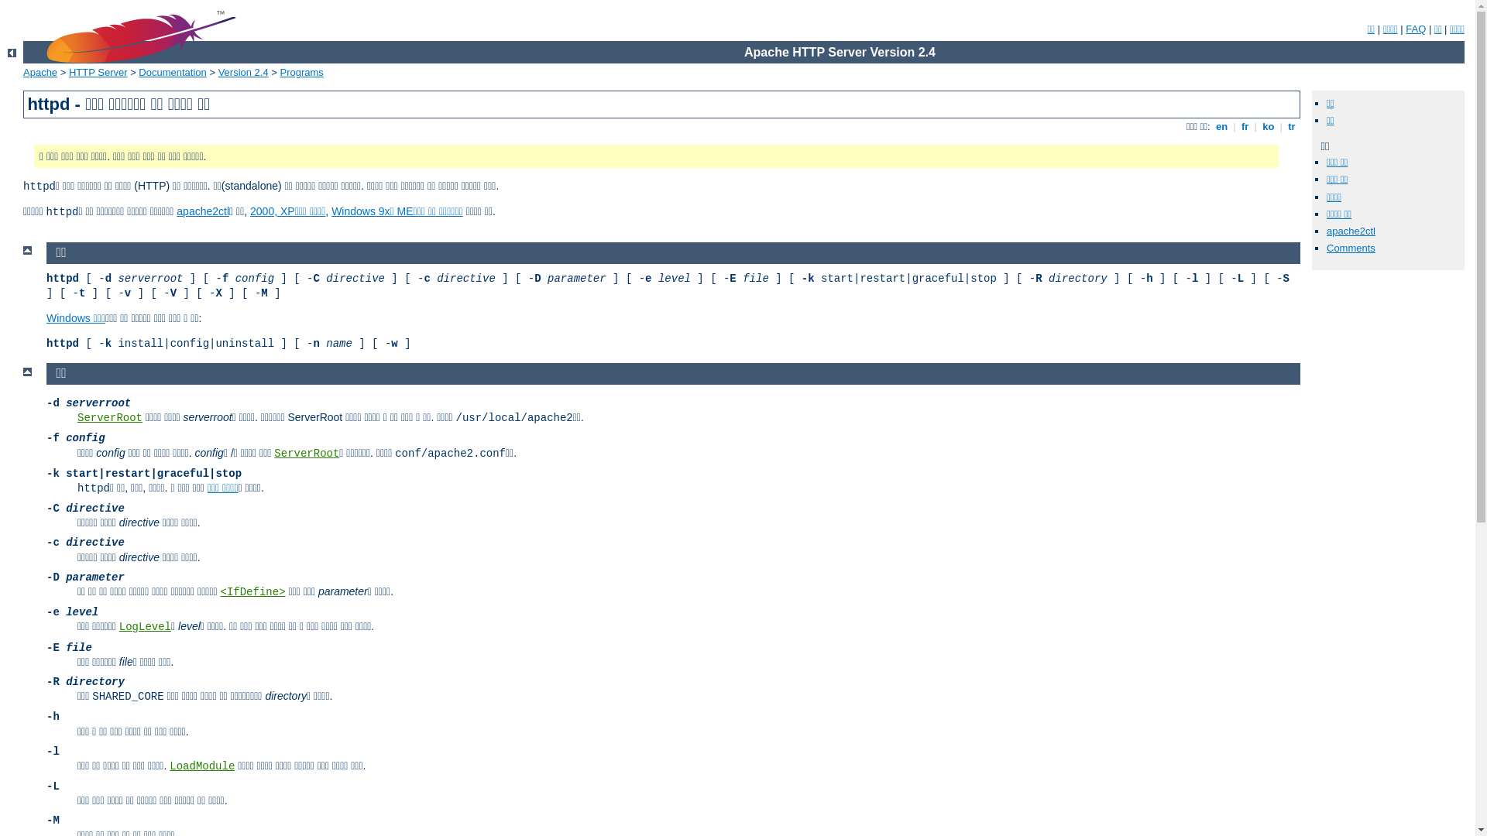 The width and height of the screenshot is (1487, 836). What do you see at coordinates (172, 72) in the screenshot?
I see `'Documentation'` at bounding box center [172, 72].